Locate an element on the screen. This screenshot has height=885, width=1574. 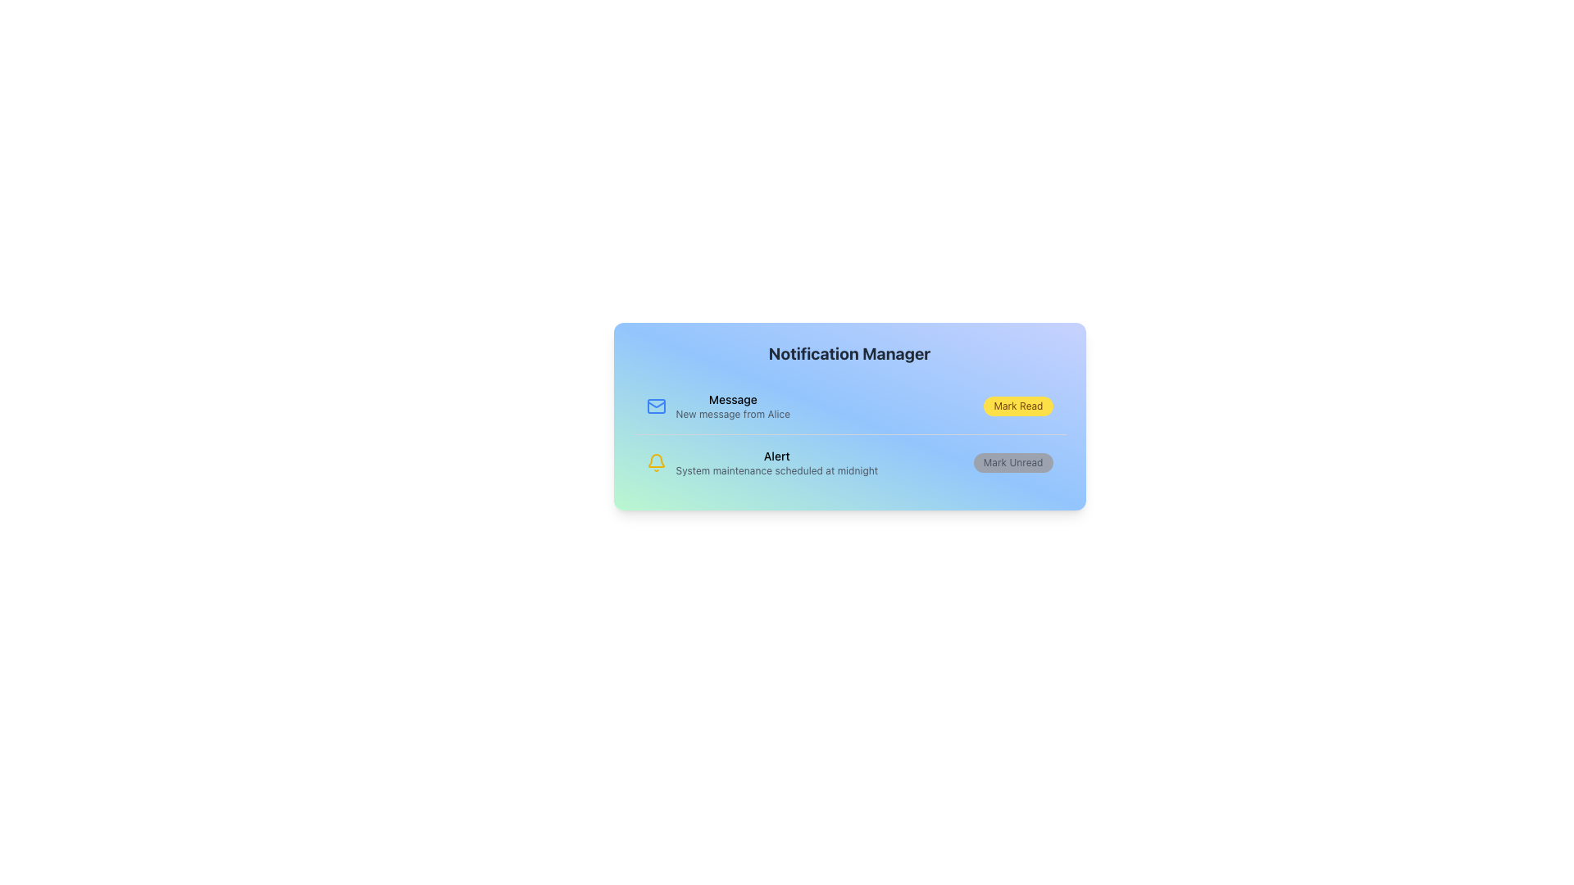
the Notification panel that displays 'Alert' and 'System maintenance scheduled at midnight', located in the bottom-left quadrant of the notification manager interface is located at coordinates (761, 462).